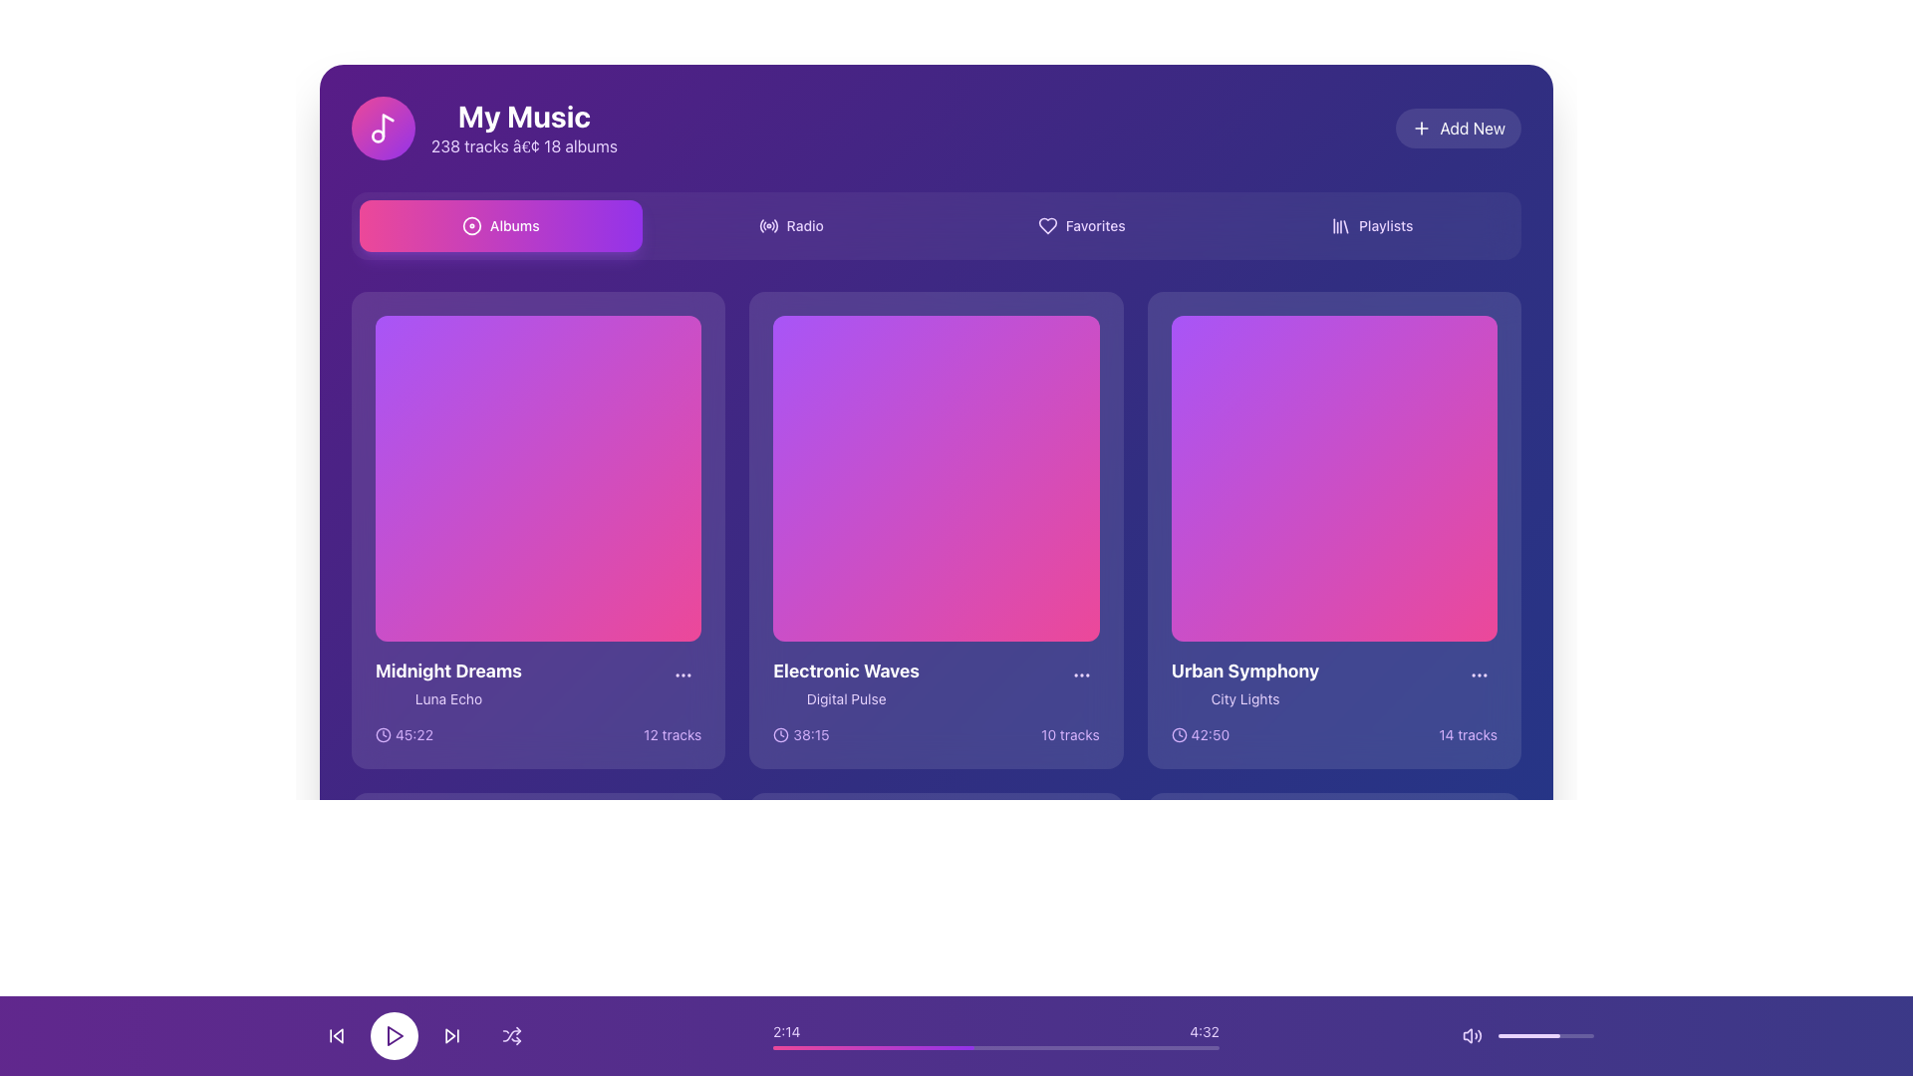  What do you see at coordinates (1080, 674) in the screenshot?
I see `the menu trigger icon located at the bottom right corner of the third card in the album grid` at bounding box center [1080, 674].